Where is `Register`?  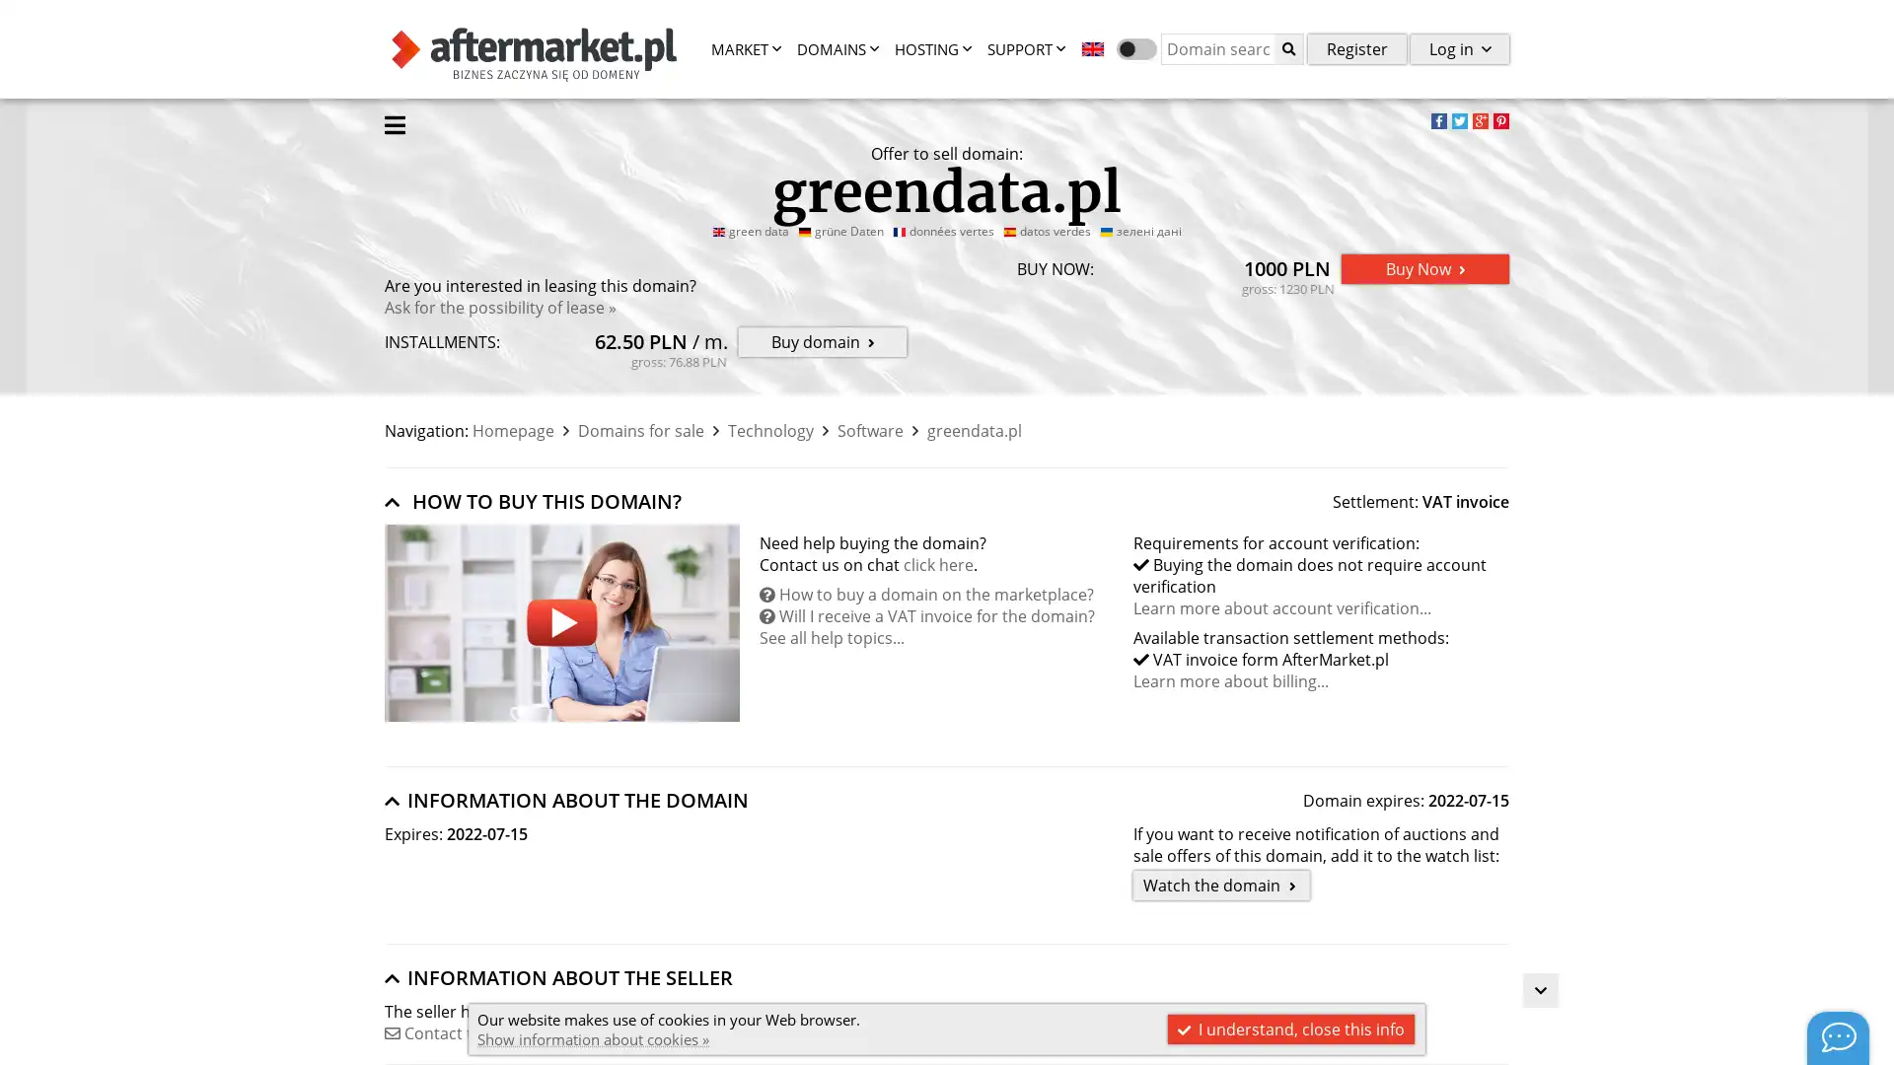 Register is located at coordinates (1356, 47).